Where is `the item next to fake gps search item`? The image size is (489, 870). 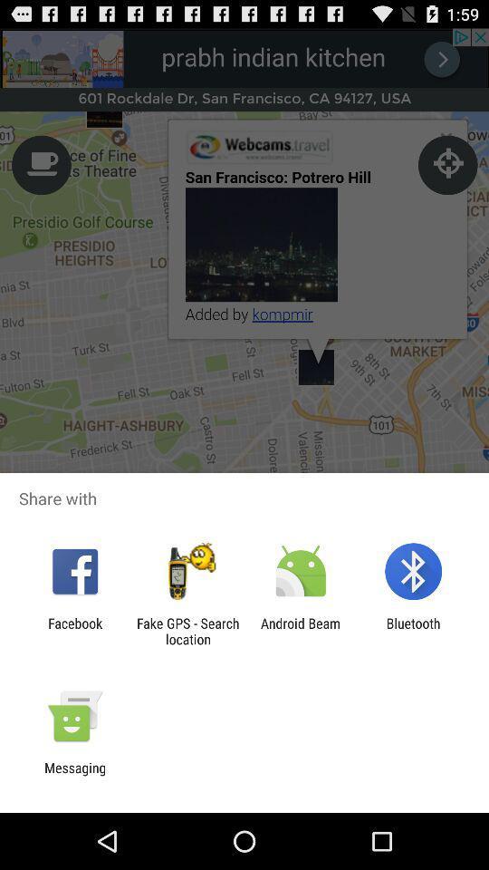 the item next to fake gps search item is located at coordinates (301, 631).